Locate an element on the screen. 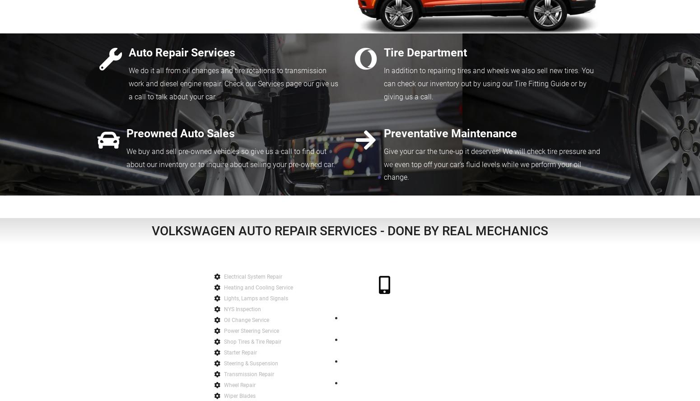  'Wiper Blades' is located at coordinates (239, 395).